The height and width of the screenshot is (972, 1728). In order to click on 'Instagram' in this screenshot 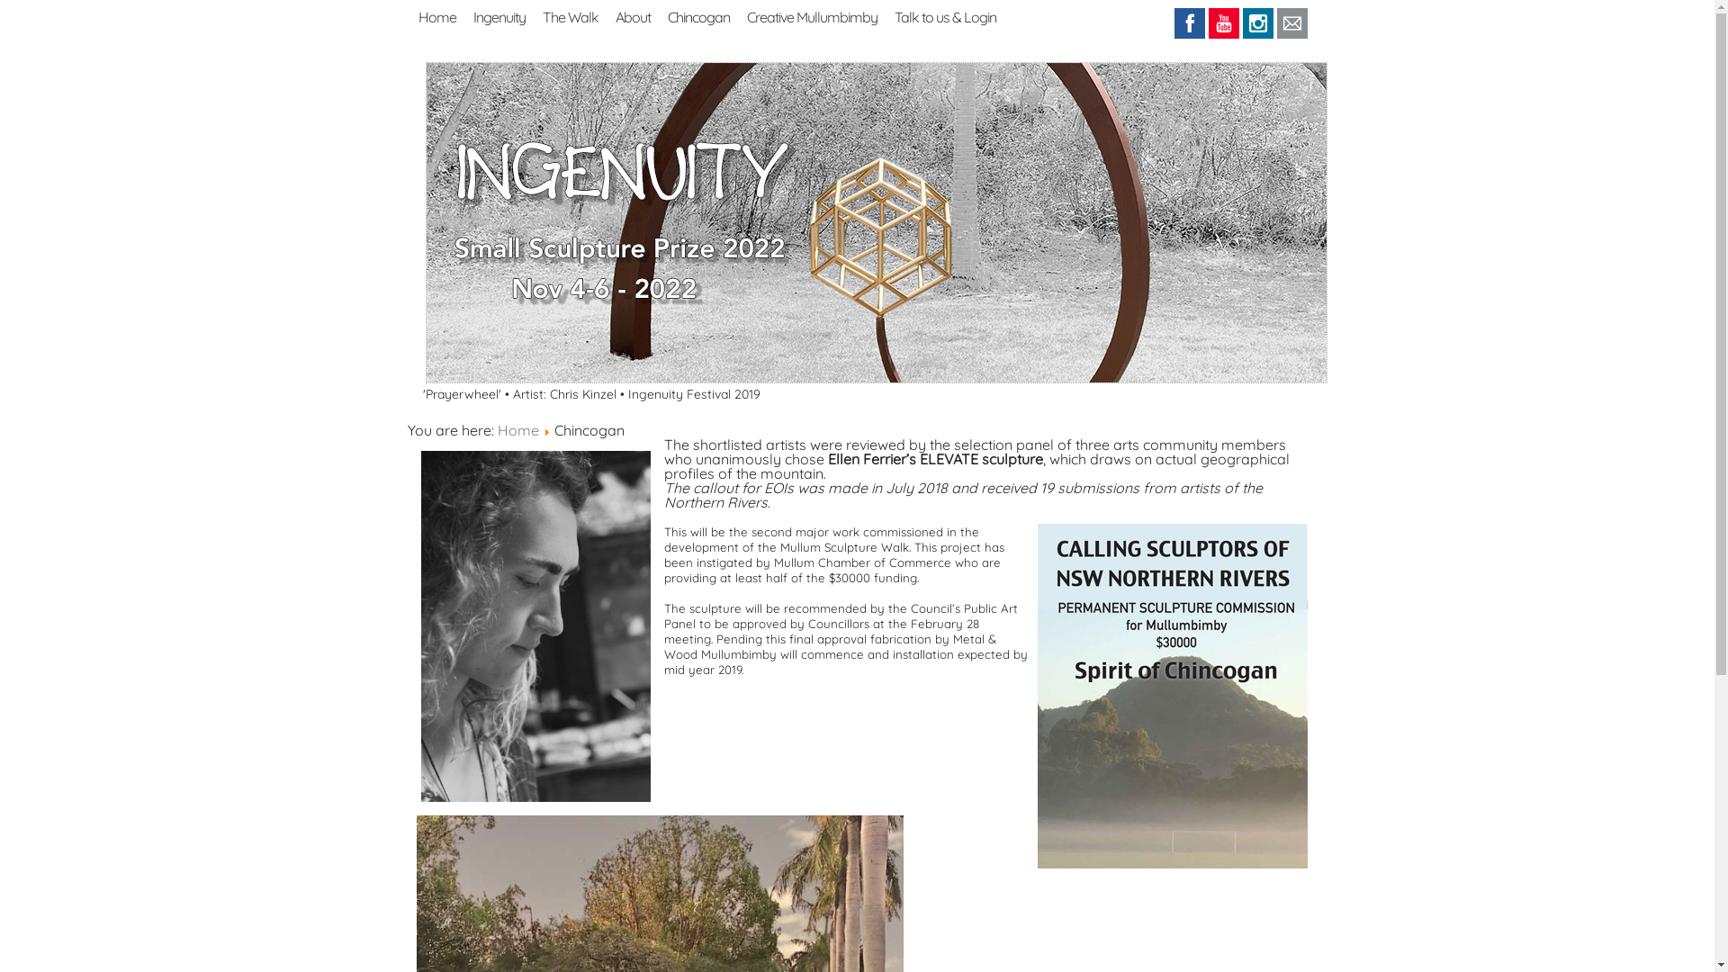, I will do `click(1256, 23)`.